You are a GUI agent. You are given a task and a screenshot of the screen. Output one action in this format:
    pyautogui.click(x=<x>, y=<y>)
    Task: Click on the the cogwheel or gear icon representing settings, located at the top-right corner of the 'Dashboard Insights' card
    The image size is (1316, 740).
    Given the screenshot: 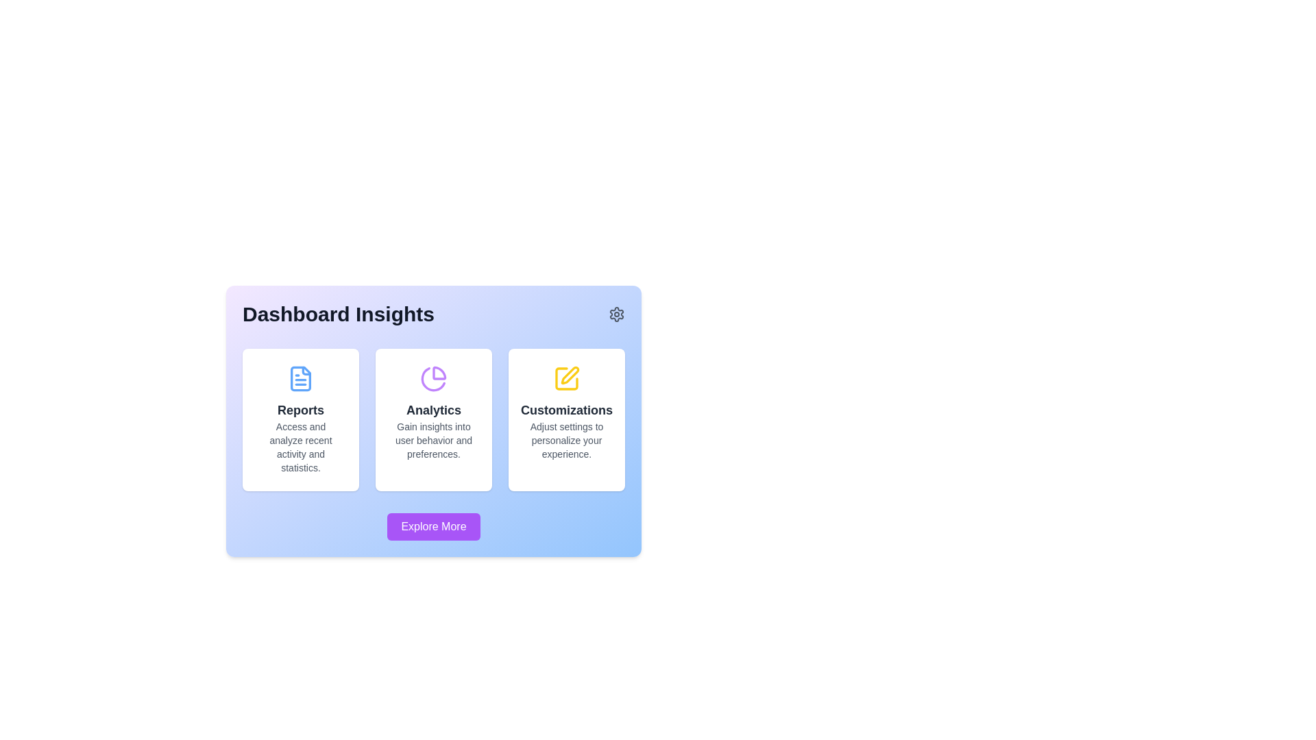 What is the action you would take?
    pyautogui.click(x=616, y=314)
    